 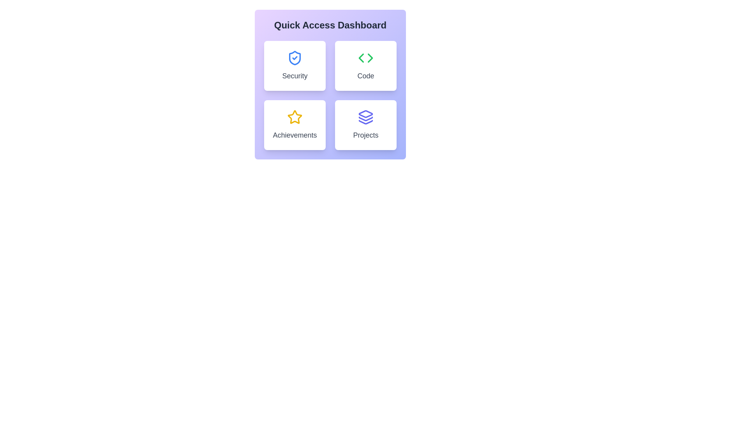 What do you see at coordinates (365, 65) in the screenshot?
I see `the interactive card located in the top-right of the 'Quick Access Dashboard' for navigation to the 'Code' section` at bounding box center [365, 65].